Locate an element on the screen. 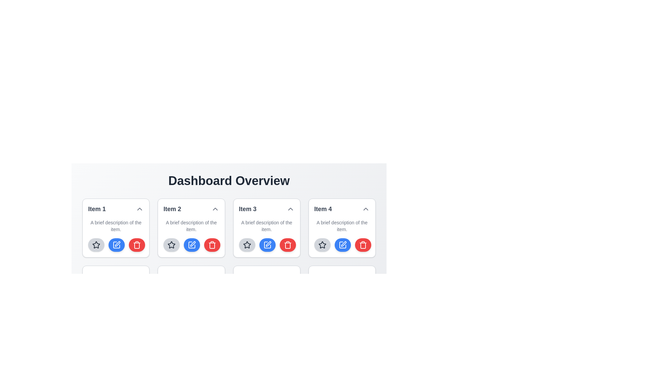  the middle button in the bottom row of buttons in the first card of the dashboard layout is located at coordinates (117, 245).